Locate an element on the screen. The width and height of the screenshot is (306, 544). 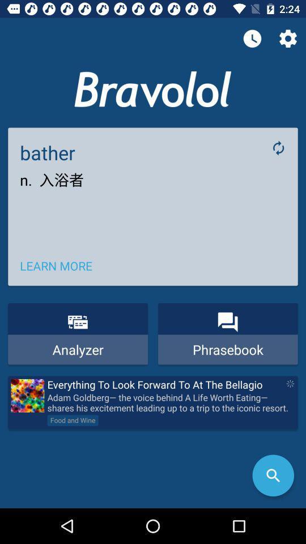
move to the icon above phrasebook is located at coordinates (227, 322).